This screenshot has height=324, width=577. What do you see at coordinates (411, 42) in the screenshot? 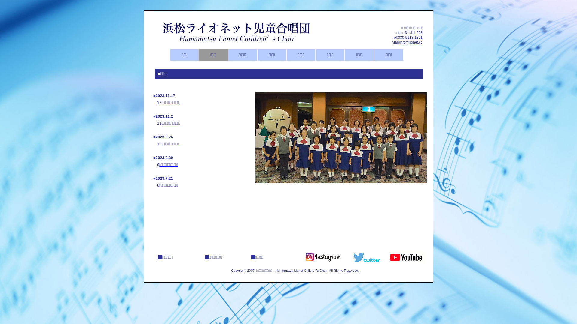
I see `'info@lionet.cc'` at bounding box center [411, 42].